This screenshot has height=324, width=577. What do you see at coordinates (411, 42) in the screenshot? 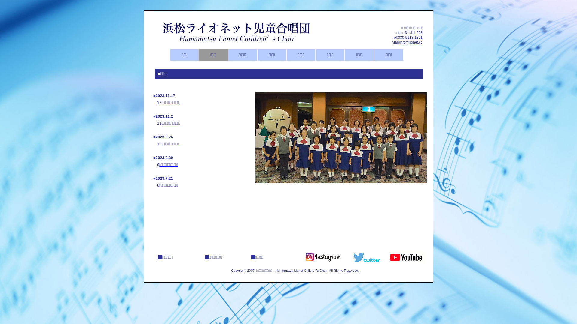
I see `'info@lionet.cc'` at bounding box center [411, 42].